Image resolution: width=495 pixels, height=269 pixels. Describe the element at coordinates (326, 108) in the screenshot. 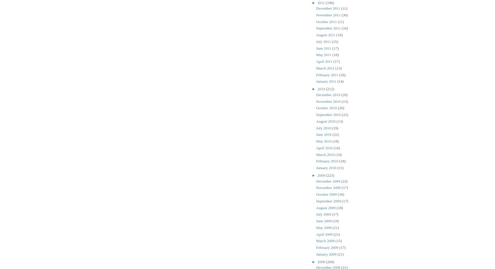

I see `'October 2010'` at that location.